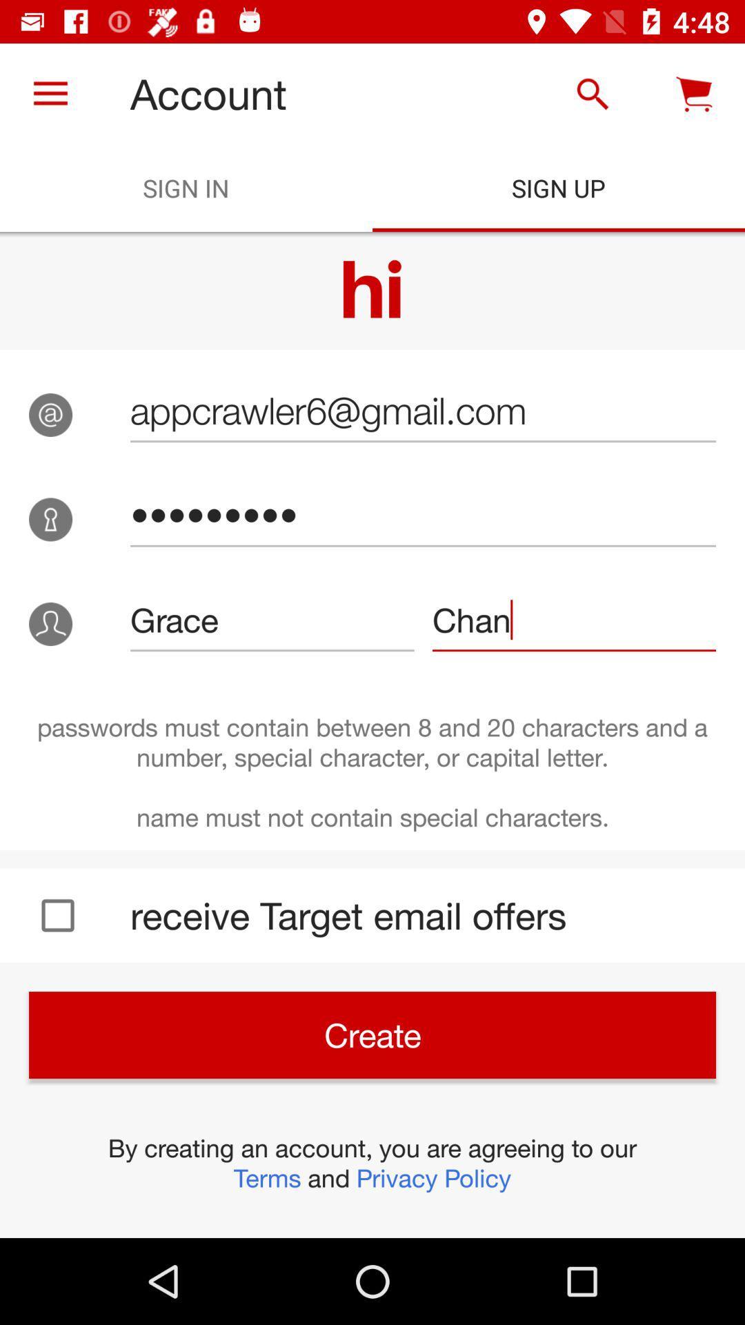  Describe the element at coordinates (574, 619) in the screenshot. I see `chan item` at that location.